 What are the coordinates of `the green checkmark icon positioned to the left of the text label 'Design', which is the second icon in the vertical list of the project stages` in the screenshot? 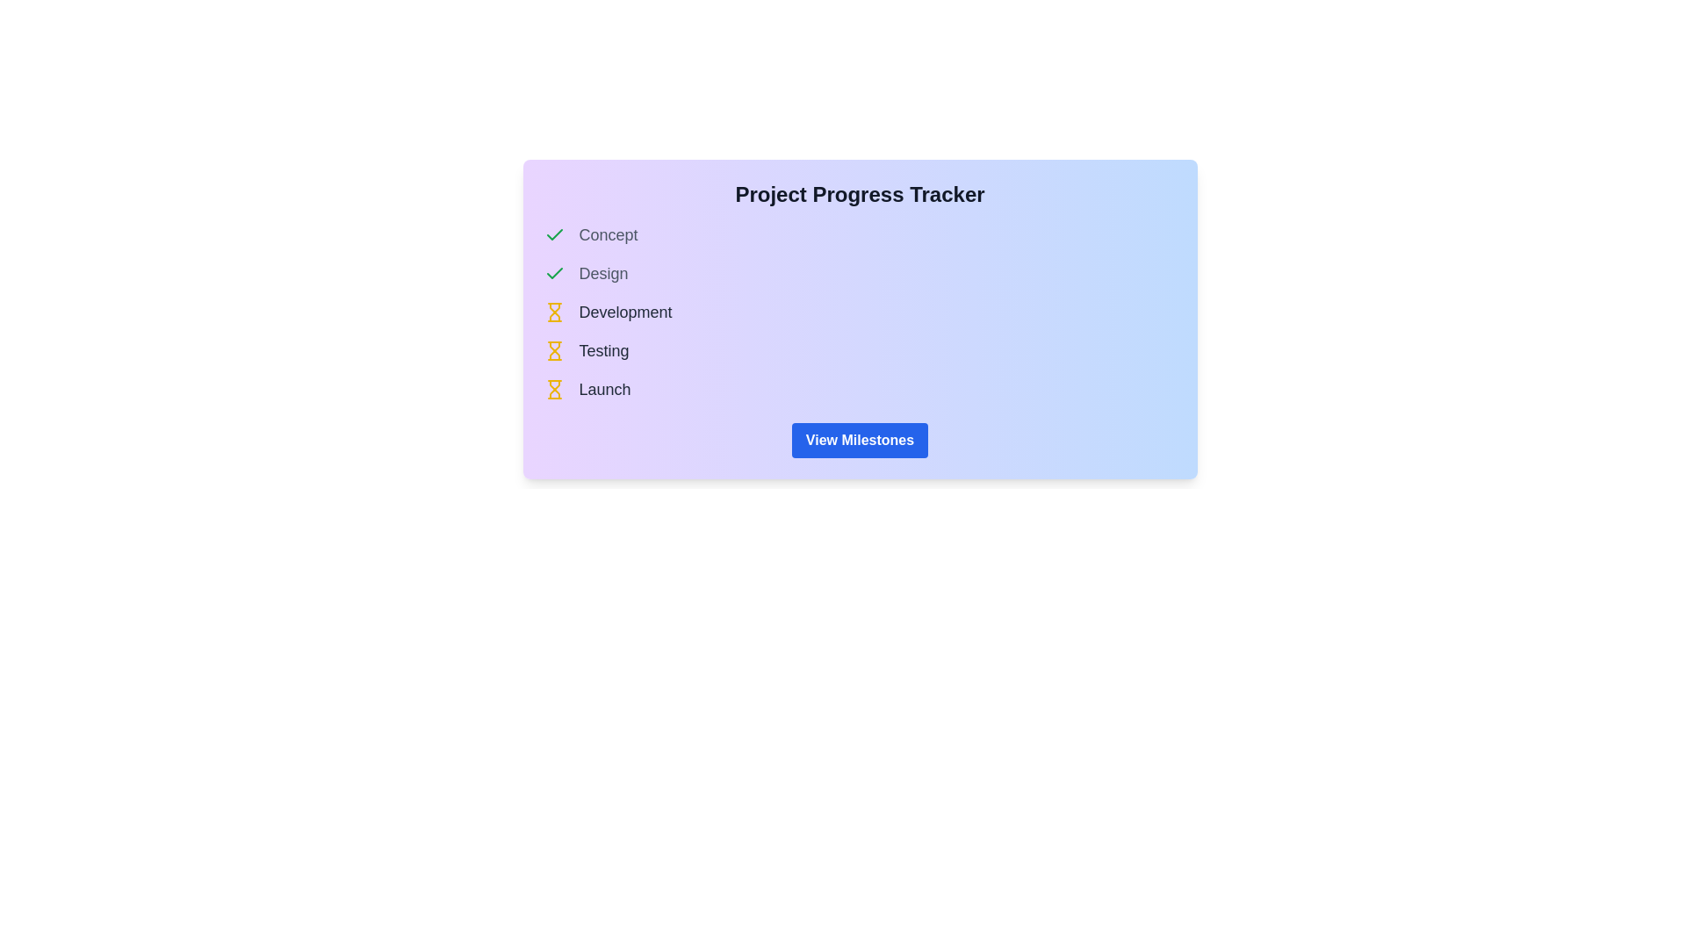 It's located at (553, 233).